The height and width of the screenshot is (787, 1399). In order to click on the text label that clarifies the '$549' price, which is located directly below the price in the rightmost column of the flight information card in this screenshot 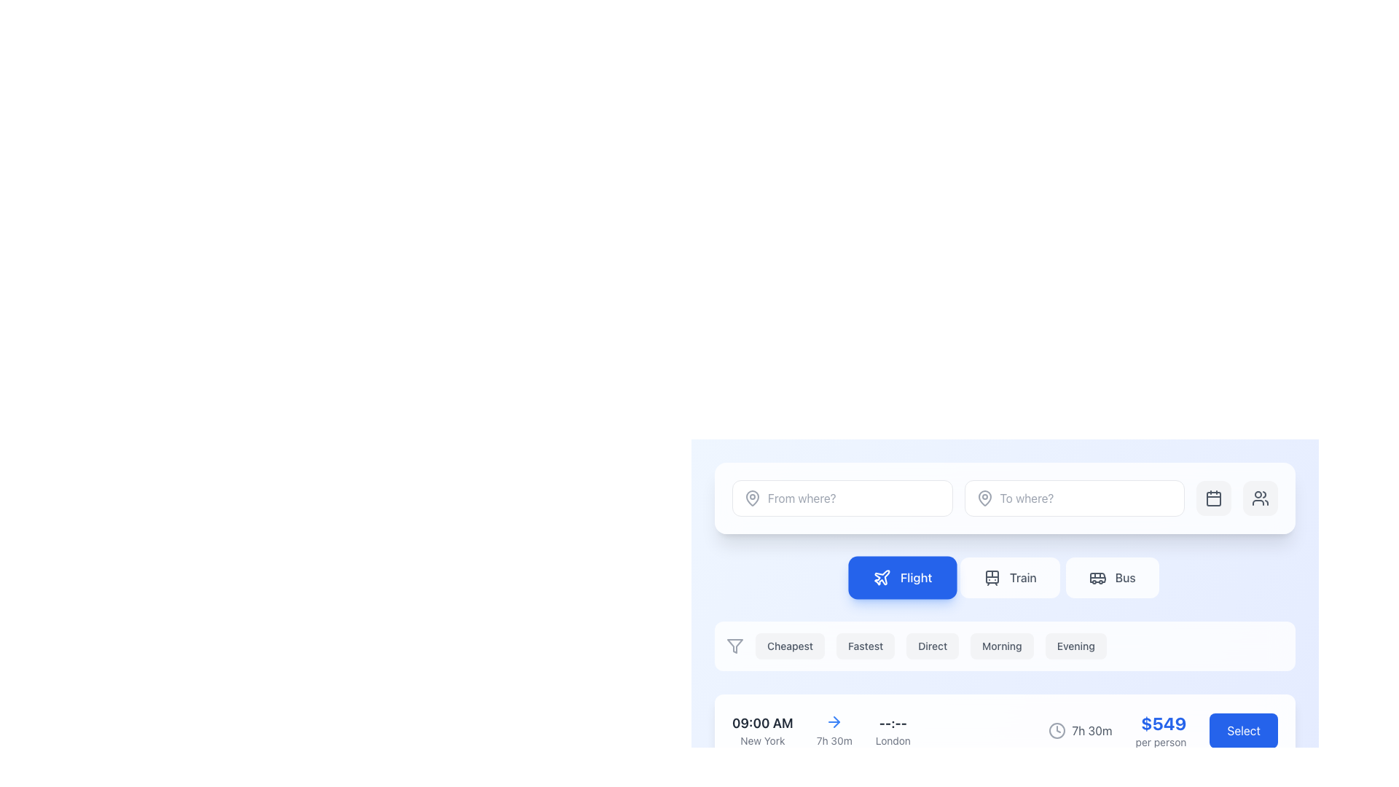, I will do `click(1160, 742)`.